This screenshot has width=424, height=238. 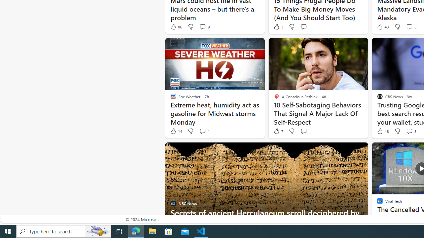 What do you see at coordinates (382, 26) in the screenshot?
I see `'43 Like'` at bounding box center [382, 26].